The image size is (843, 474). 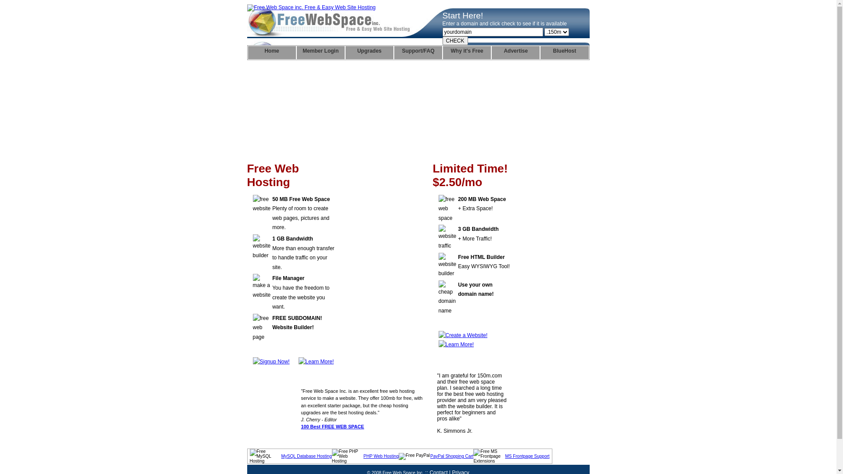 What do you see at coordinates (455, 40) in the screenshot?
I see `'CHECK'` at bounding box center [455, 40].